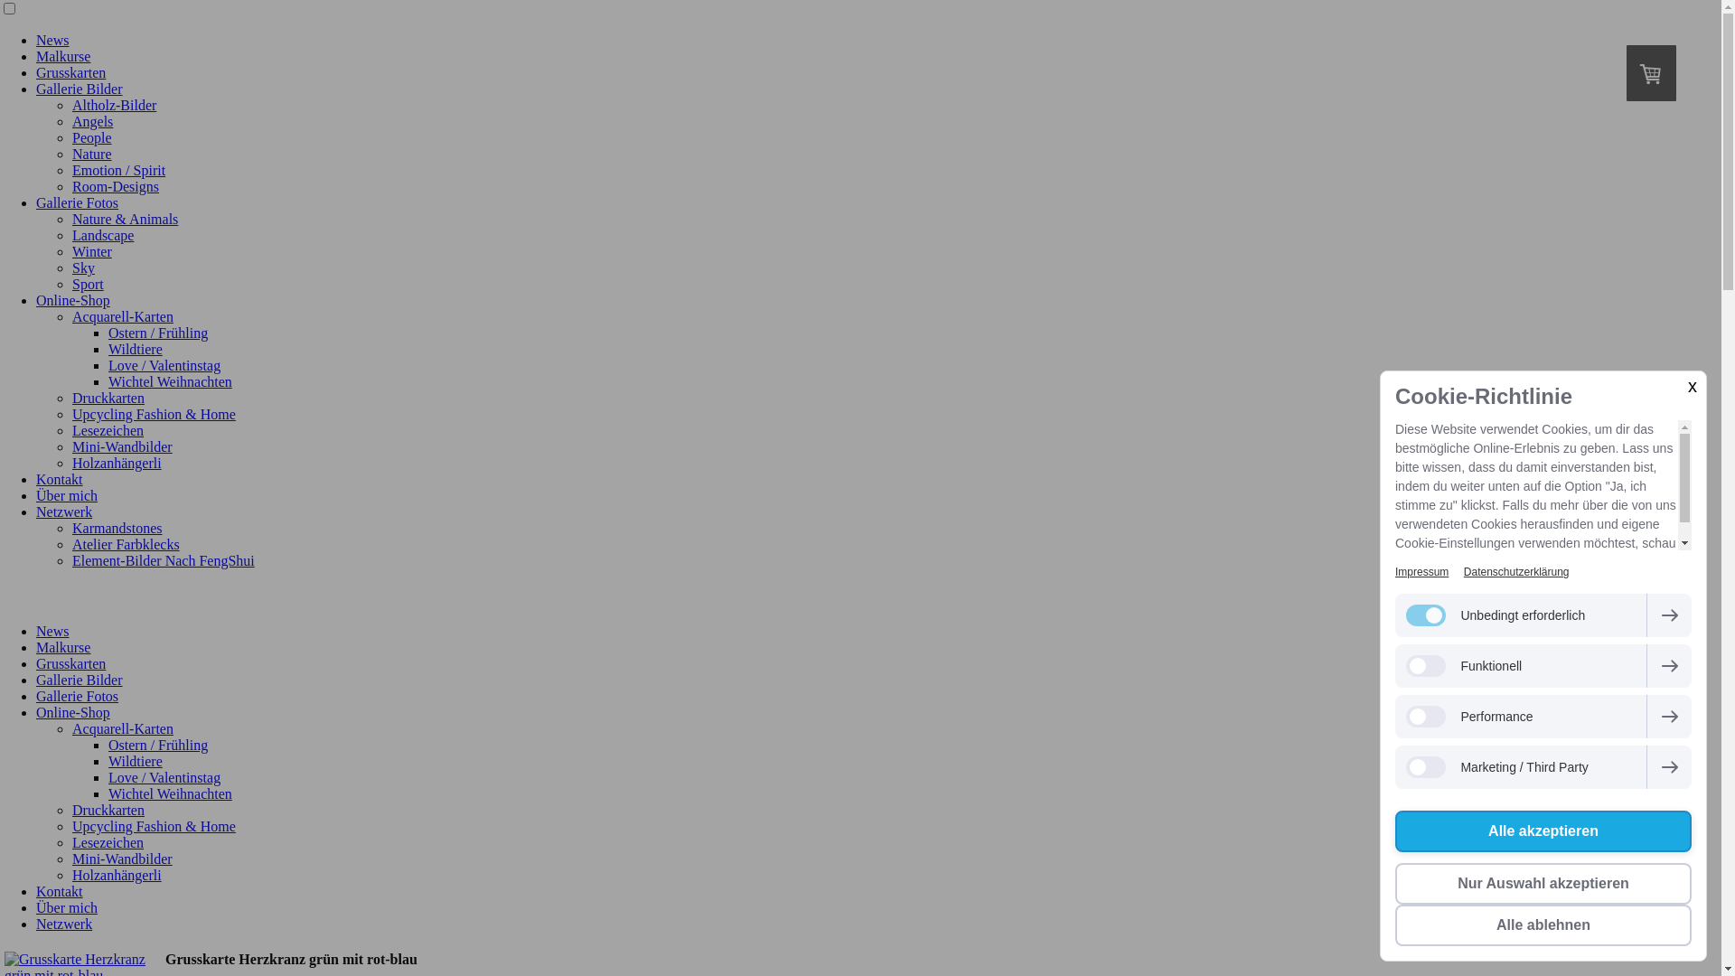  What do you see at coordinates (52, 40) in the screenshot?
I see `'News'` at bounding box center [52, 40].